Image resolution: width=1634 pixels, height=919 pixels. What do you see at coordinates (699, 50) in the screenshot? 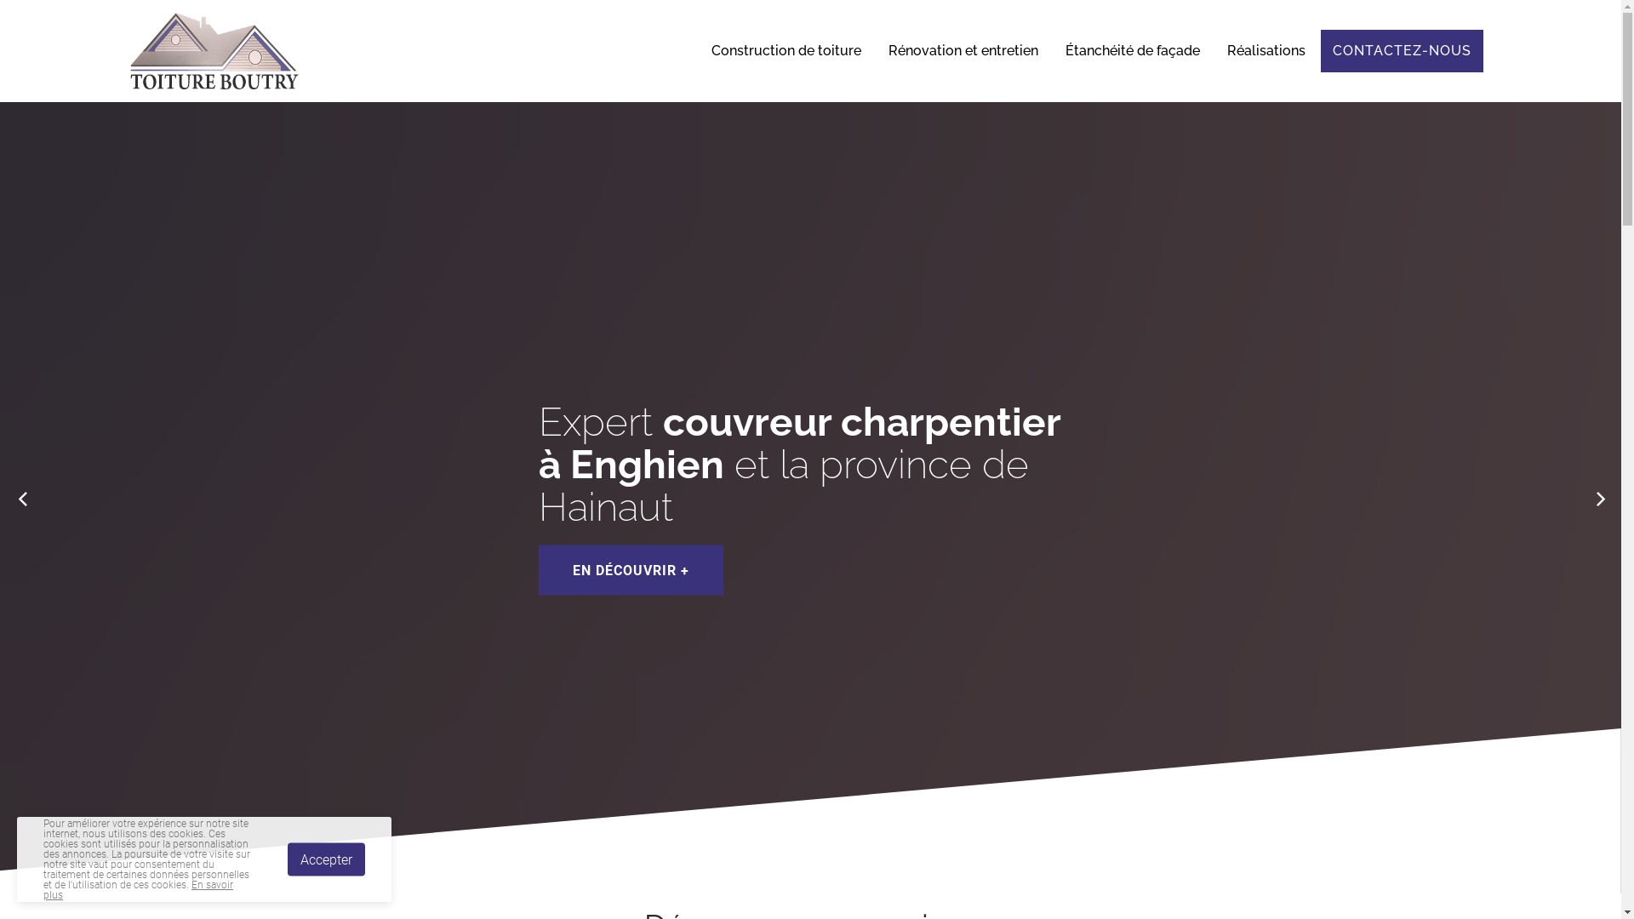
I see `'Construction de toiture'` at bounding box center [699, 50].